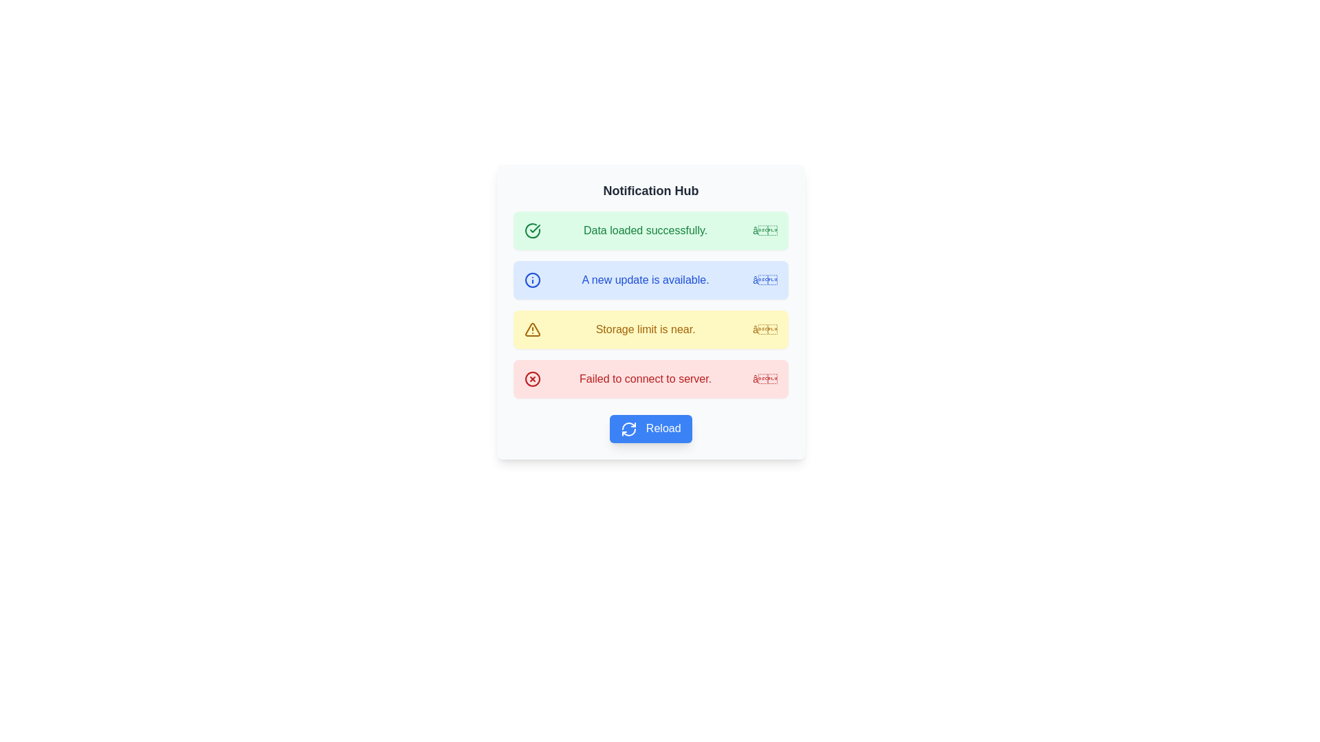 This screenshot has width=1320, height=742. Describe the element at coordinates (650, 190) in the screenshot. I see `the Text label that serves as the title for the notification pane, positioned at the top-center of the notification card` at that location.